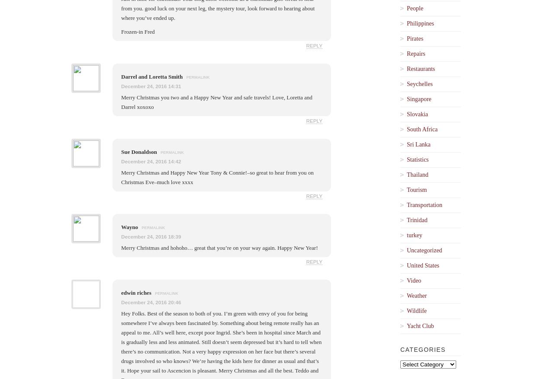  Describe the element at coordinates (151, 302) in the screenshot. I see `'December 24, 2016 20:46'` at that location.